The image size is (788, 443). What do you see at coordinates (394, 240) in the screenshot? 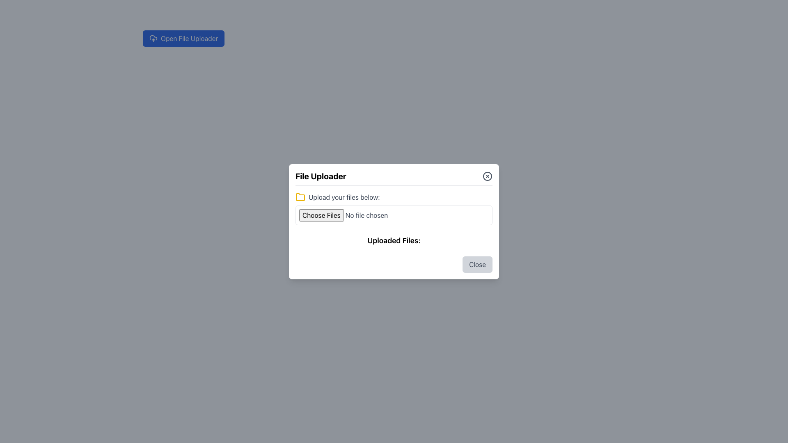
I see `the Text label indicating the area for uploaded files in the 'File Uploader' modal dialog box, which is positioned below the file input field and above the empty list area` at bounding box center [394, 240].